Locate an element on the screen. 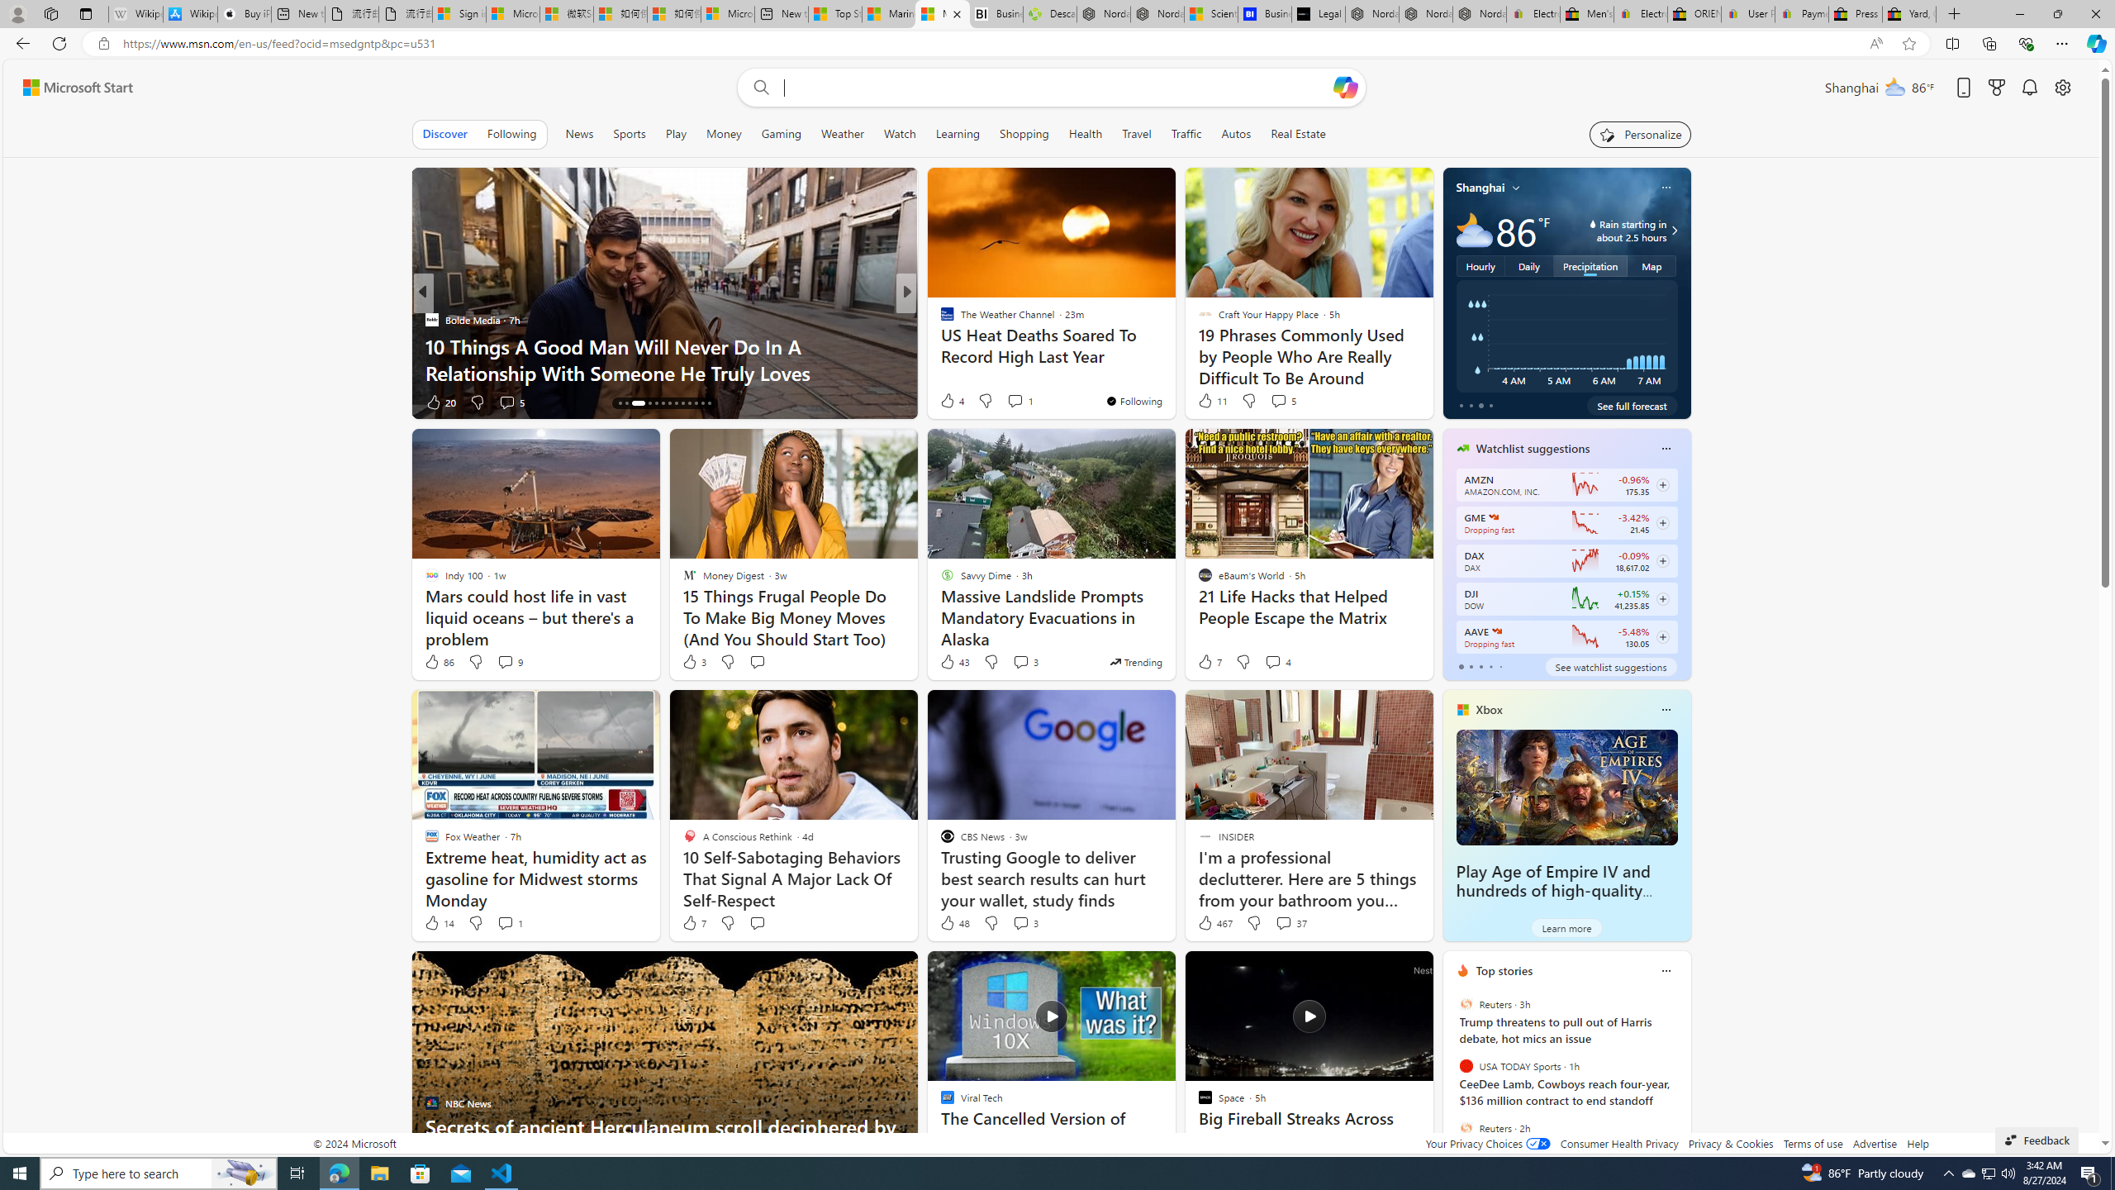  'Money' is located at coordinates (724, 133).